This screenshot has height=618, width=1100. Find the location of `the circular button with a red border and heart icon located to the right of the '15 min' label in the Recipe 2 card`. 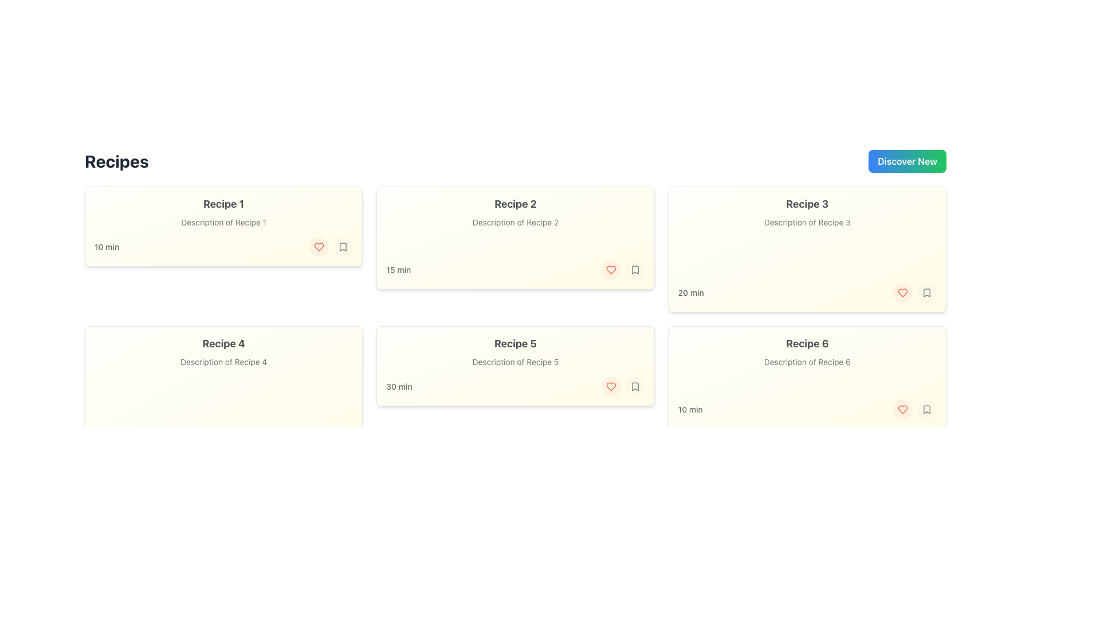

the circular button with a red border and heart icon located to the right of the '15 min' label in the Recipe 2 card is located at coordinates (610, 270).